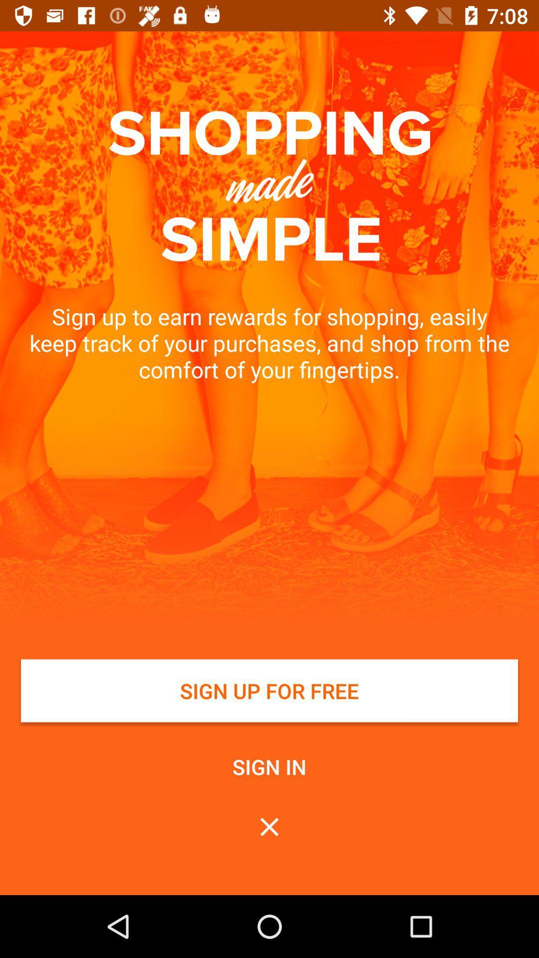  Describe the element at coordinates (269, 827) in the screenshot. I see `the box below sign in` at that location.